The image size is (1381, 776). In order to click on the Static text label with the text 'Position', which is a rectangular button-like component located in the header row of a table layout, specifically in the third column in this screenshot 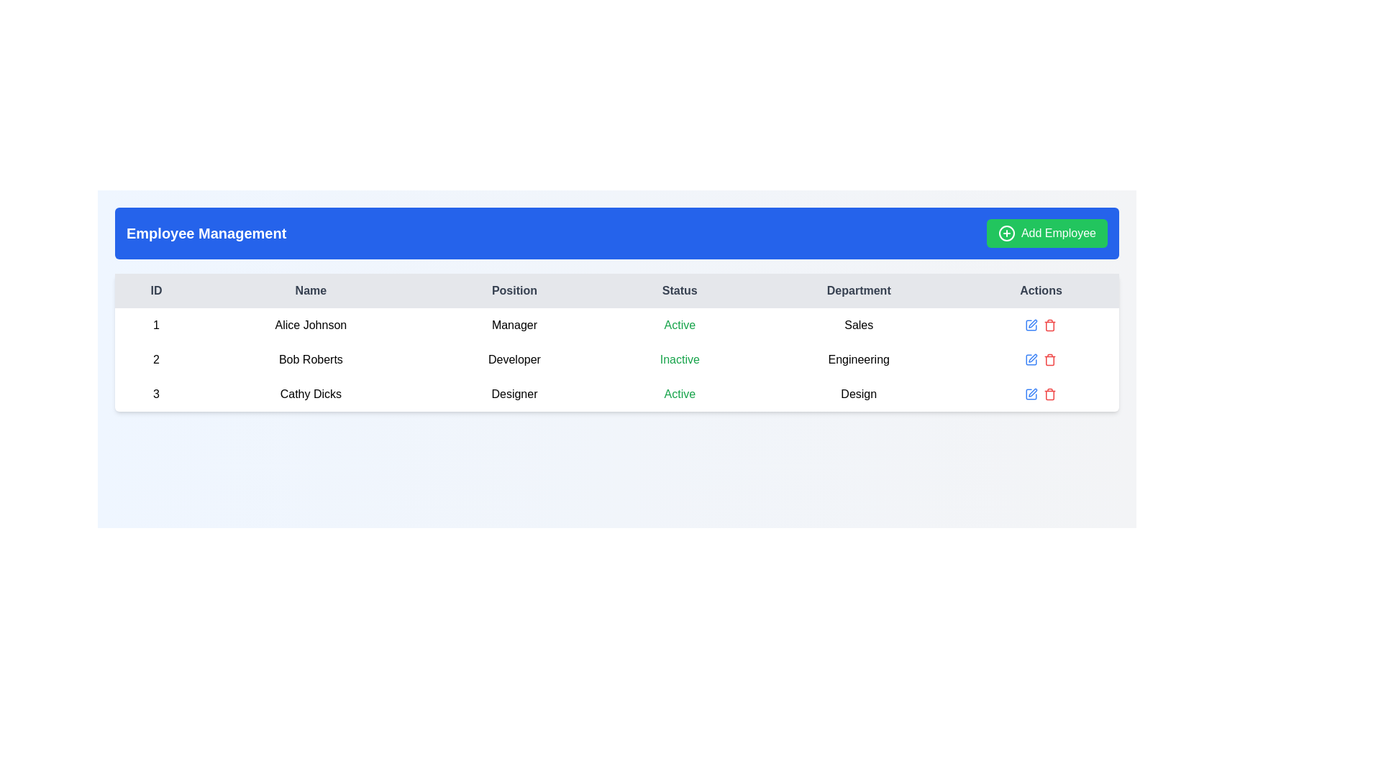, I will do `click(514, 291)`.